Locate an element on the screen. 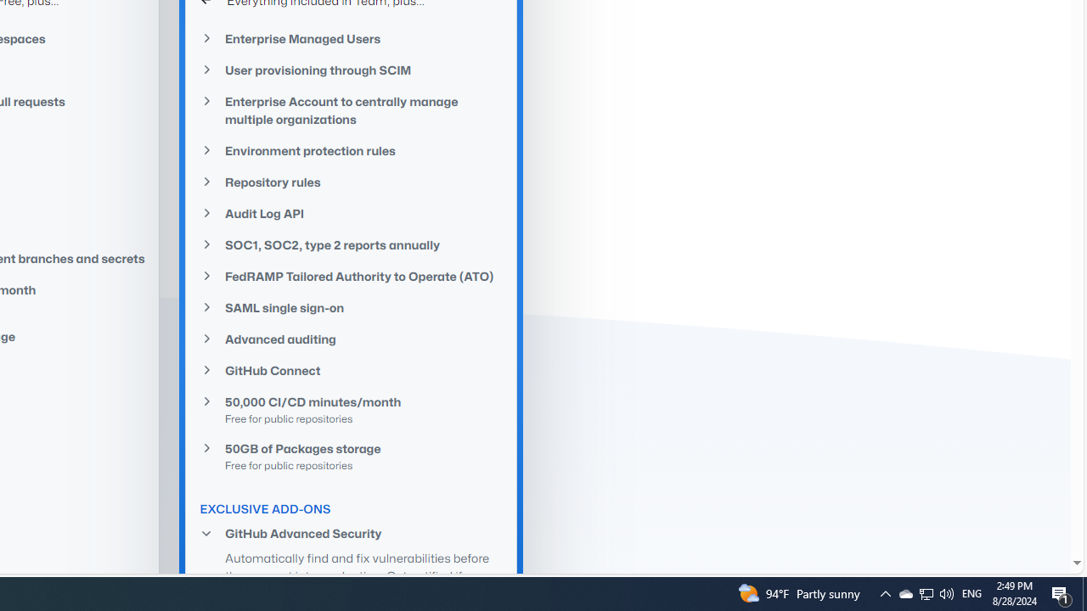 The width and height of the screenshot is (1087, 611). '50,000 CI/CD minutes/monthFree for public repositories' is located at coordinates (351, 409).